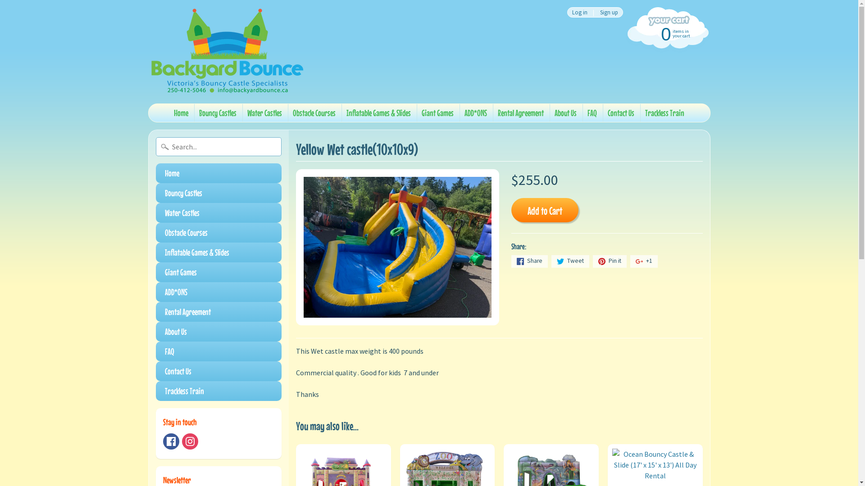 This screenshot has height=486, width=865. I want to click on '0, so click(666, 32).